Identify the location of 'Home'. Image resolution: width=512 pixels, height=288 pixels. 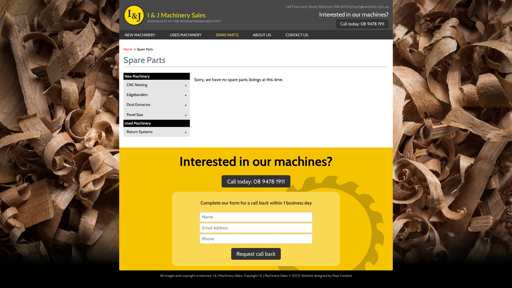
(128, 49).